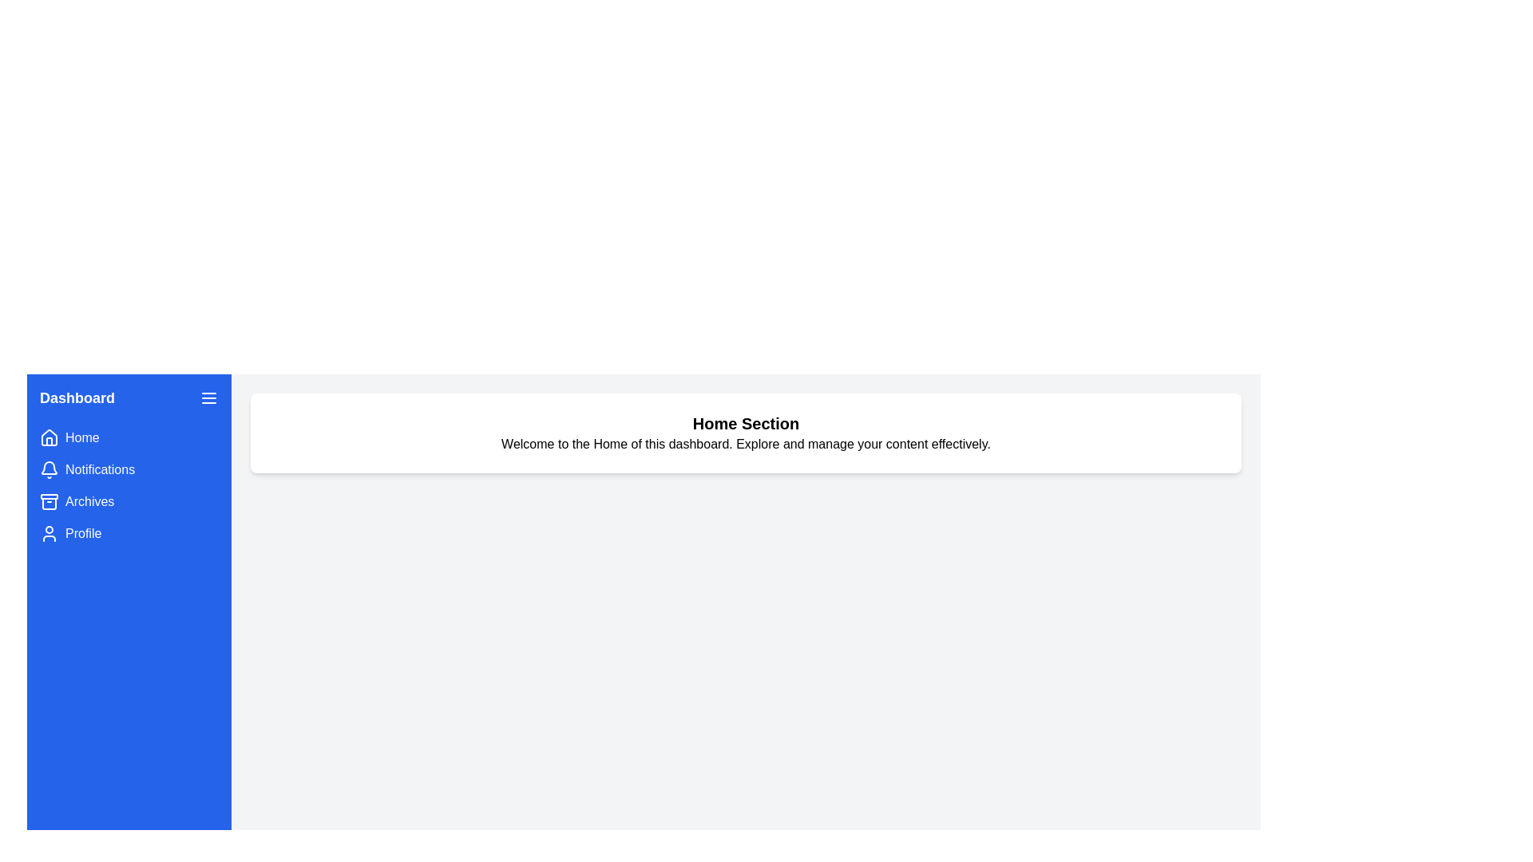  Describe the element at coordinates (208, 397) in the screenshot. I see `the toggle button in the top-right corner of the left sidebar, which is represented by three stacked lines on a blue background` at that location.